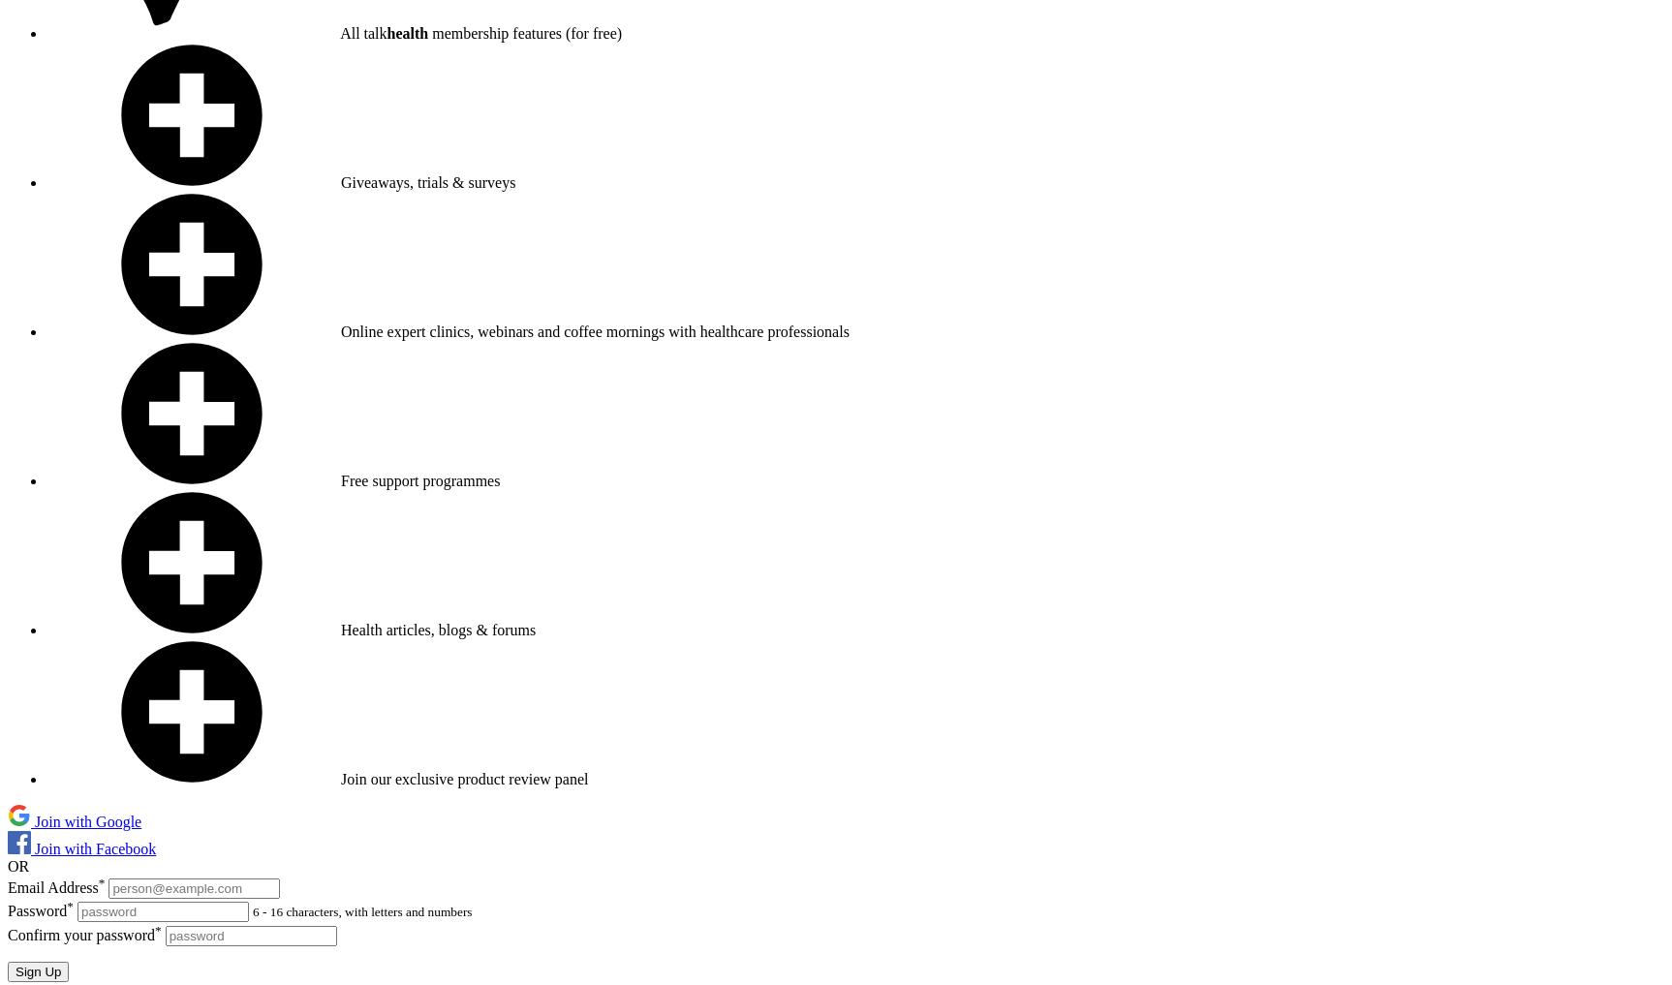 Image resolution: width=1672 pixels, height=985 pixels. I want to click on 'OR', so click(17, 865).